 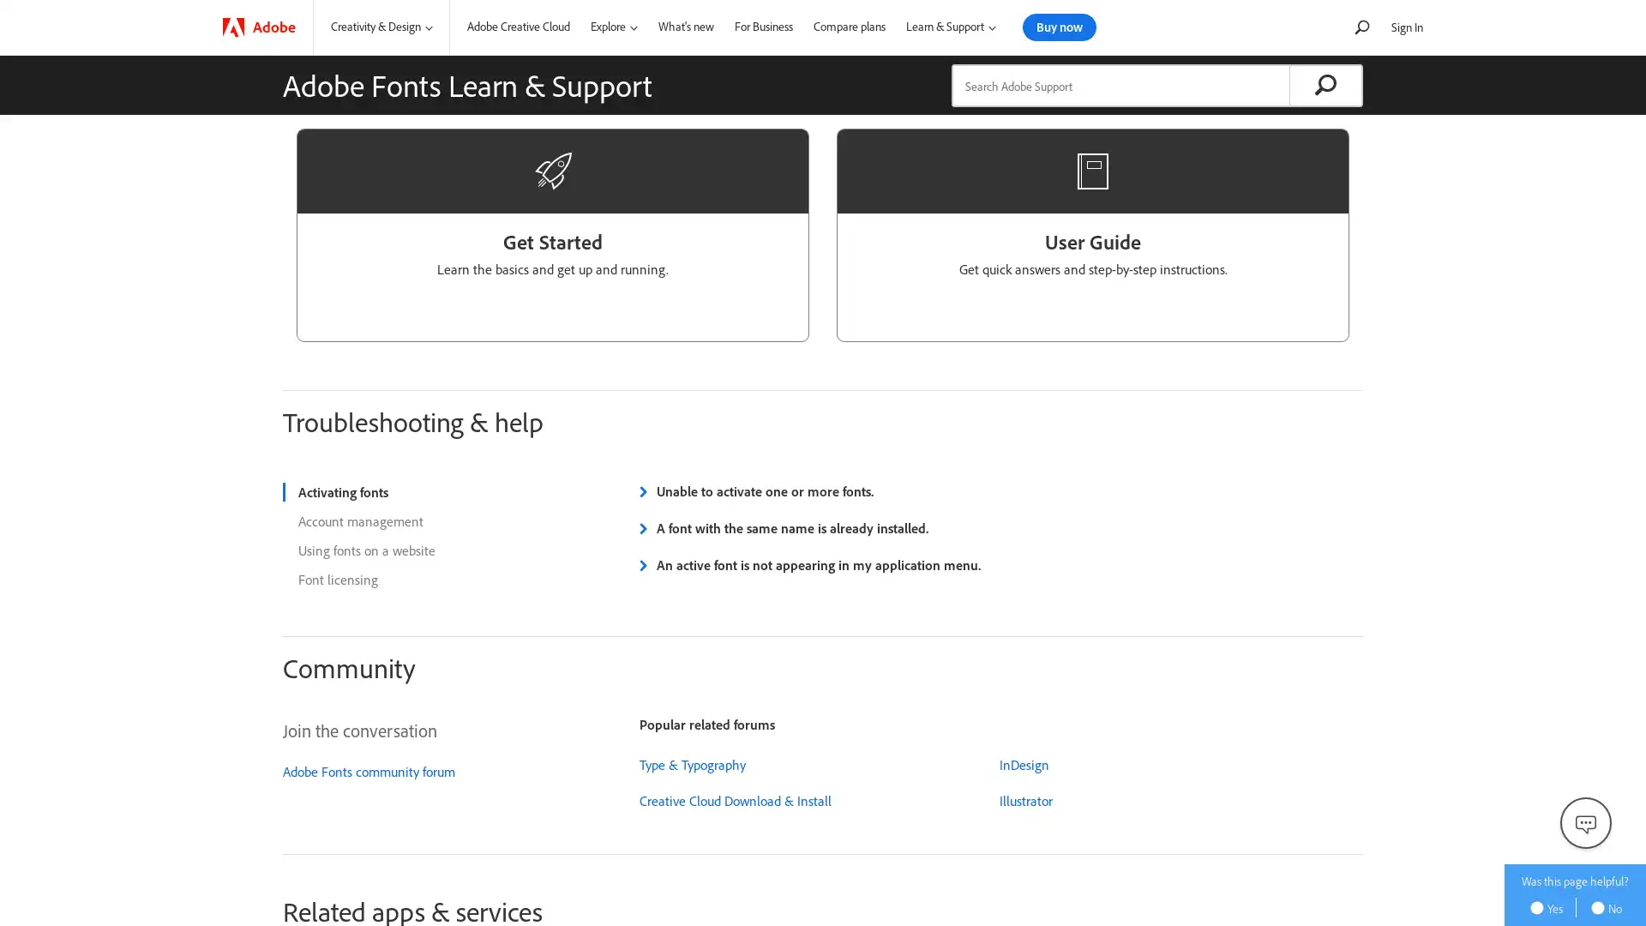 What do you see at coordinates (807, 565) in the screenshot?
I see `An active font is not appearing in my application menu.` at bounding box center [807, 565].